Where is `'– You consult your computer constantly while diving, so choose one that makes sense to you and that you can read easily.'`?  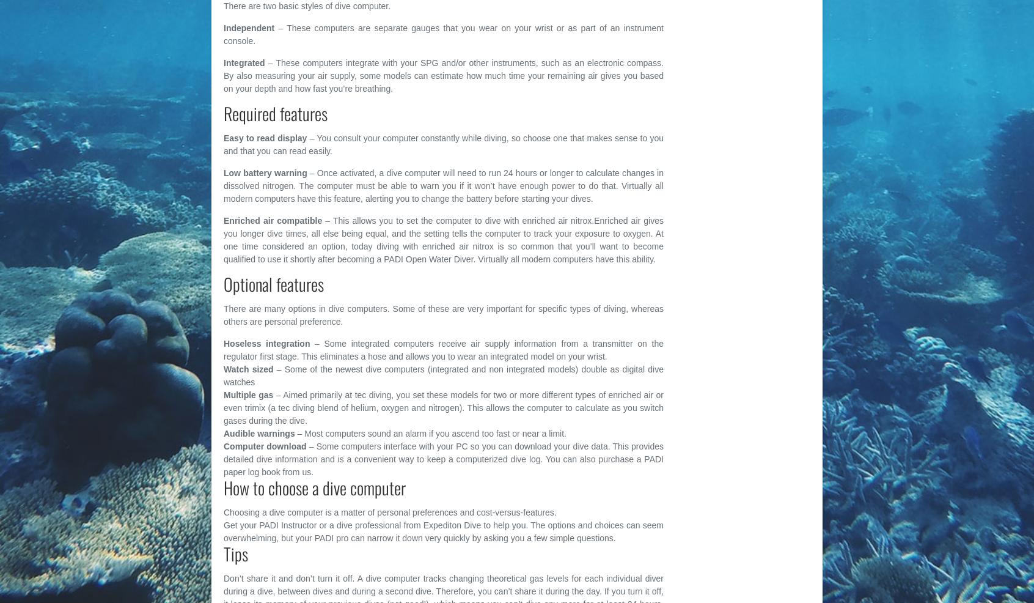 '– You consult your computer constantly while diving, so choose one that makes sense to you and that you can read easily.' is located at coordinates (443, 144).